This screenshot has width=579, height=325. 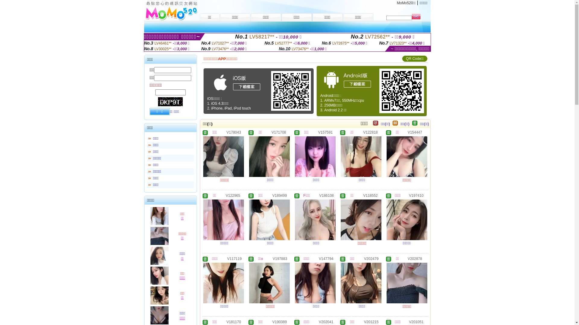 What do you see at coordinates (233, 321) in the screenshot?
I see `'V181170'` at bounding box center [233, 321].